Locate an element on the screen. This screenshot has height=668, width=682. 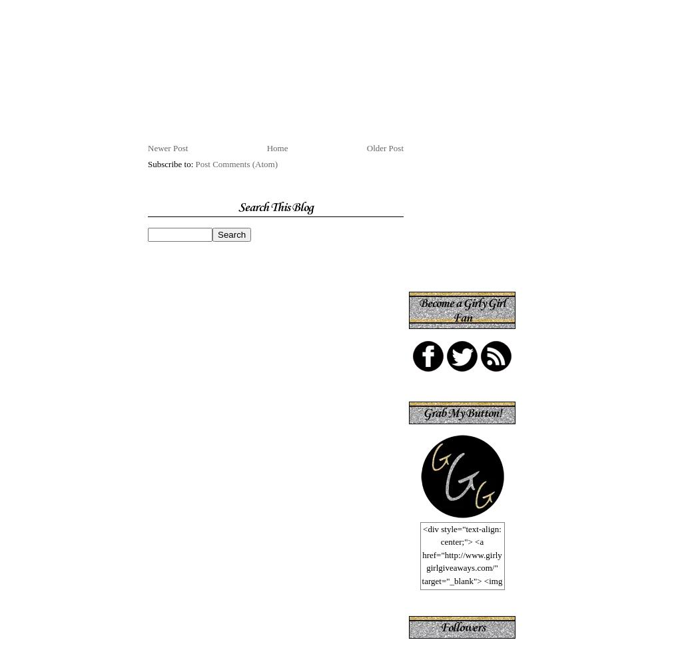
'Subscribe to:' is located at coordinates (147, 163).